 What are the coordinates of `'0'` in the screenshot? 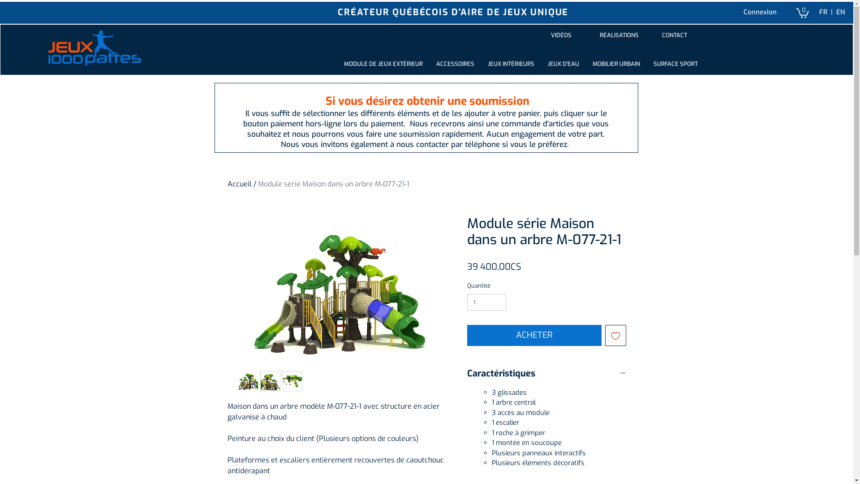 It's located at (795, 12).